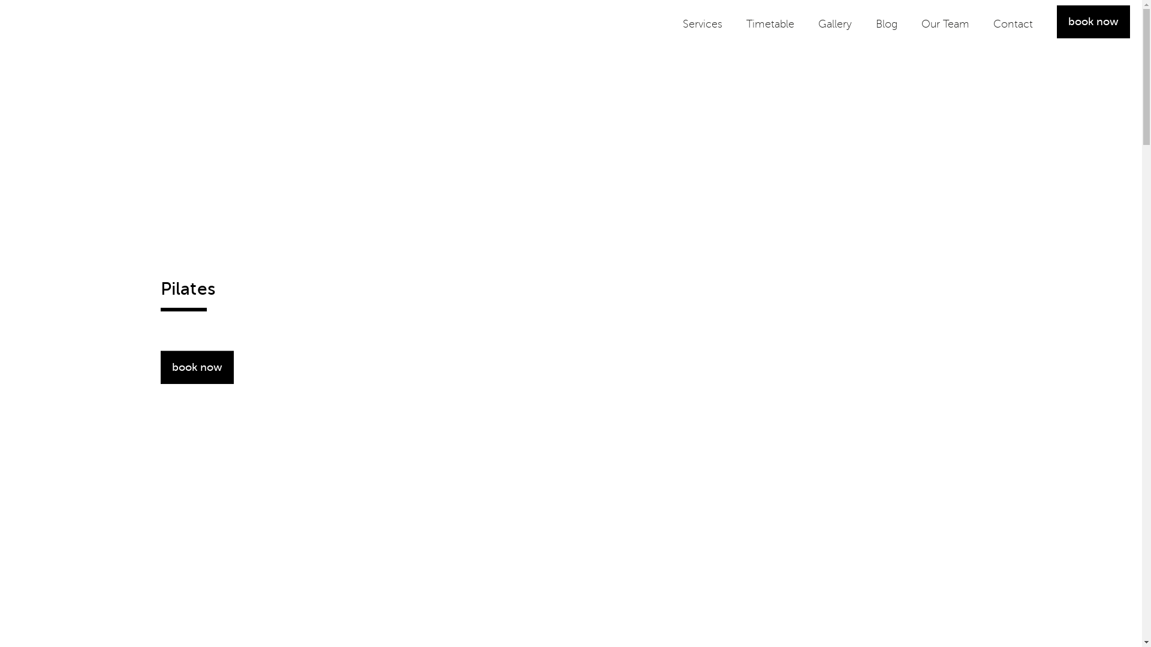 The width and height of the screenshot is (1151, 647). I want to click on 'Our Team', so click(945, 26).